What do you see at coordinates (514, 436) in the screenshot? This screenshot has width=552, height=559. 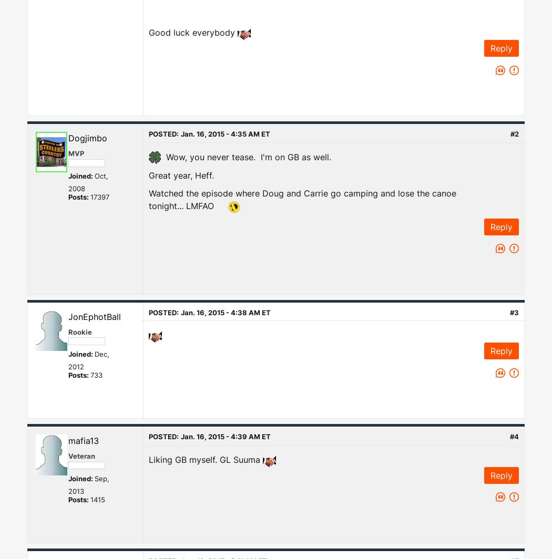 I see `'#4'` at bounding box center [514, 436].